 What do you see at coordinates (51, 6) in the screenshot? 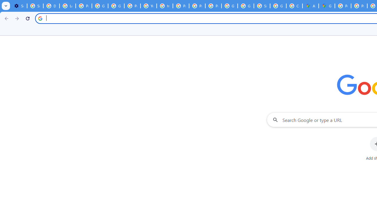
I see `'Delete photos & videos - Computer - Google Photos Help'` at bounding box center [51, 6].